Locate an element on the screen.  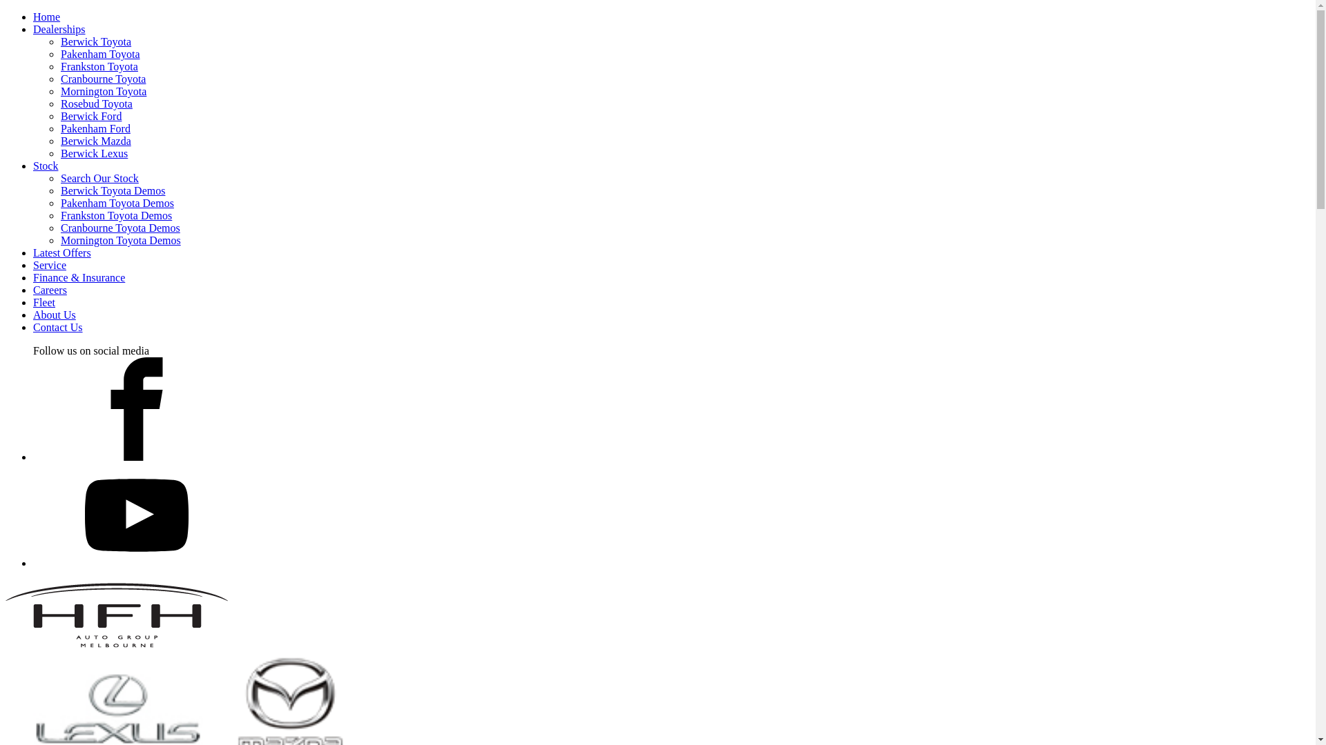
'Stock' is located at coordinates (46, 165).